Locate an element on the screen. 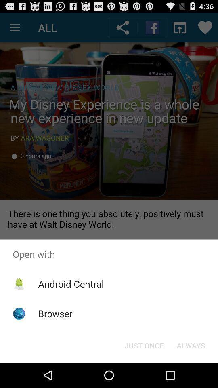  the button next to just once is located at coordinates (191, 345).